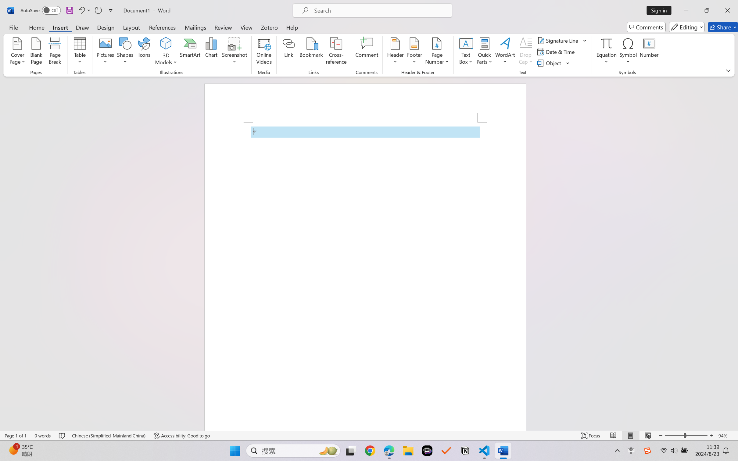 This screenshot has height=461, width=738. What do you see at coordinates (606, 43) in the screenshot?
I see `'Equation'` at bounding box center [606, 43].